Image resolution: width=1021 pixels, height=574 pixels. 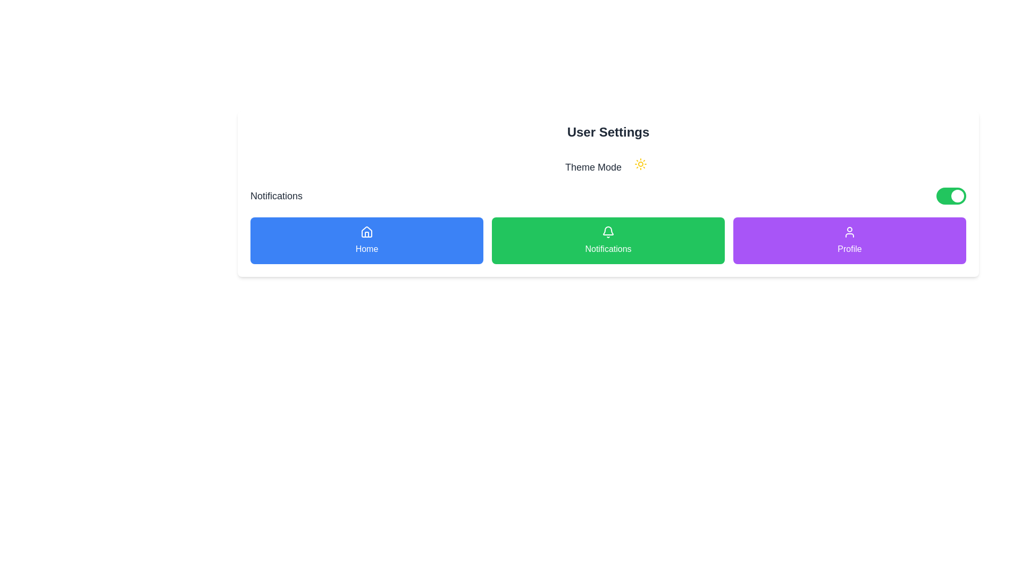 I want to click on the active toggle switch with a green background and a white circular handle, so click(x=951, y=196).